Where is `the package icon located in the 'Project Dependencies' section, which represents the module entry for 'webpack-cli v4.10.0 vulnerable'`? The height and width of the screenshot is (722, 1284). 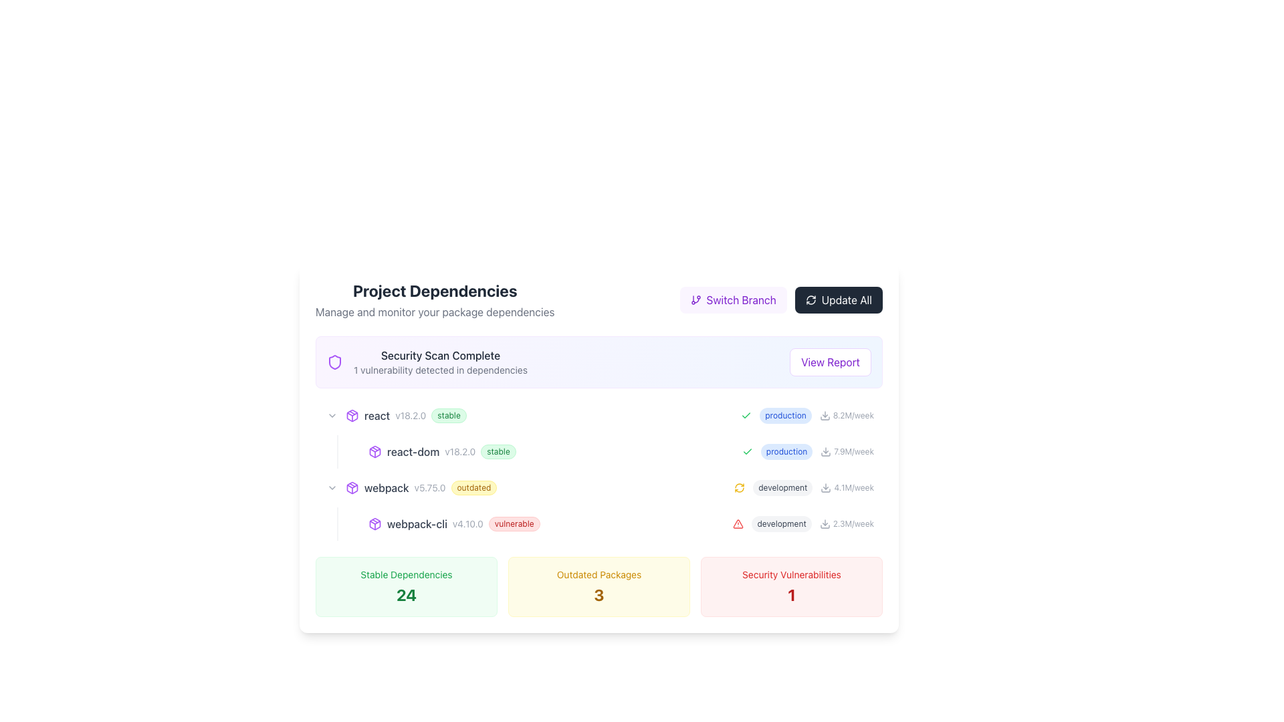 the package icon located in the 'Project Dependencies' section, which represents the module entry for 'webpack-cli v4.10.0 vulnerable' is located at coordinates (374, 523).